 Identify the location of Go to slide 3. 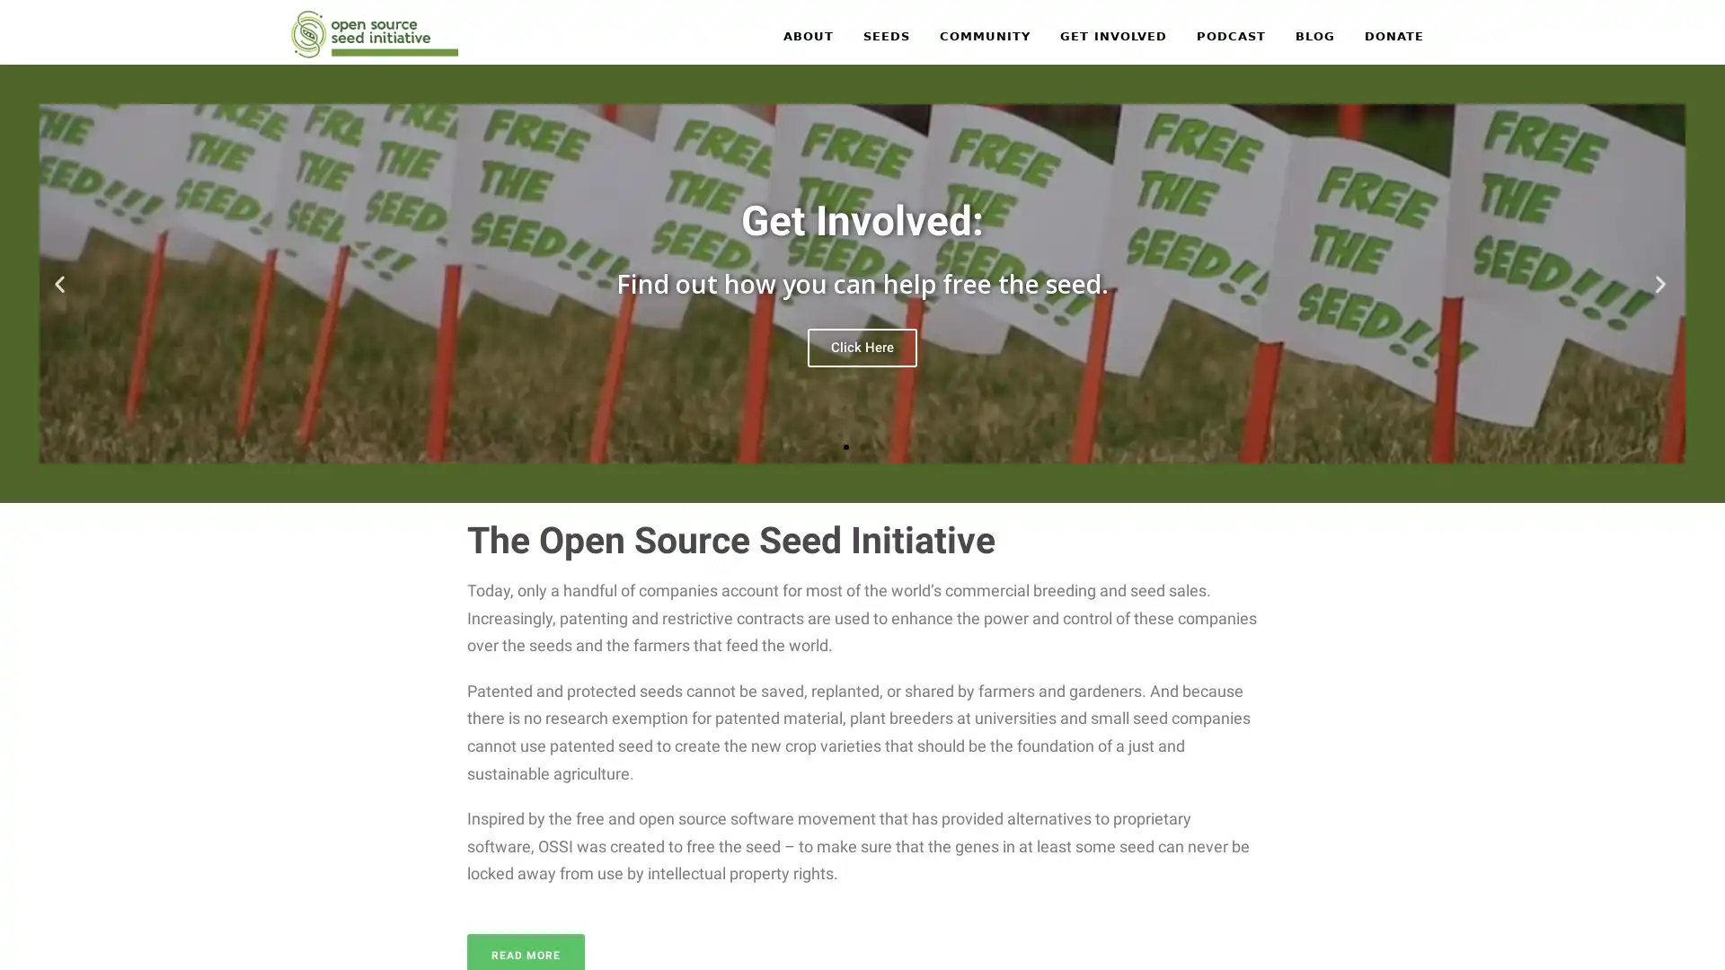
(879, 445).